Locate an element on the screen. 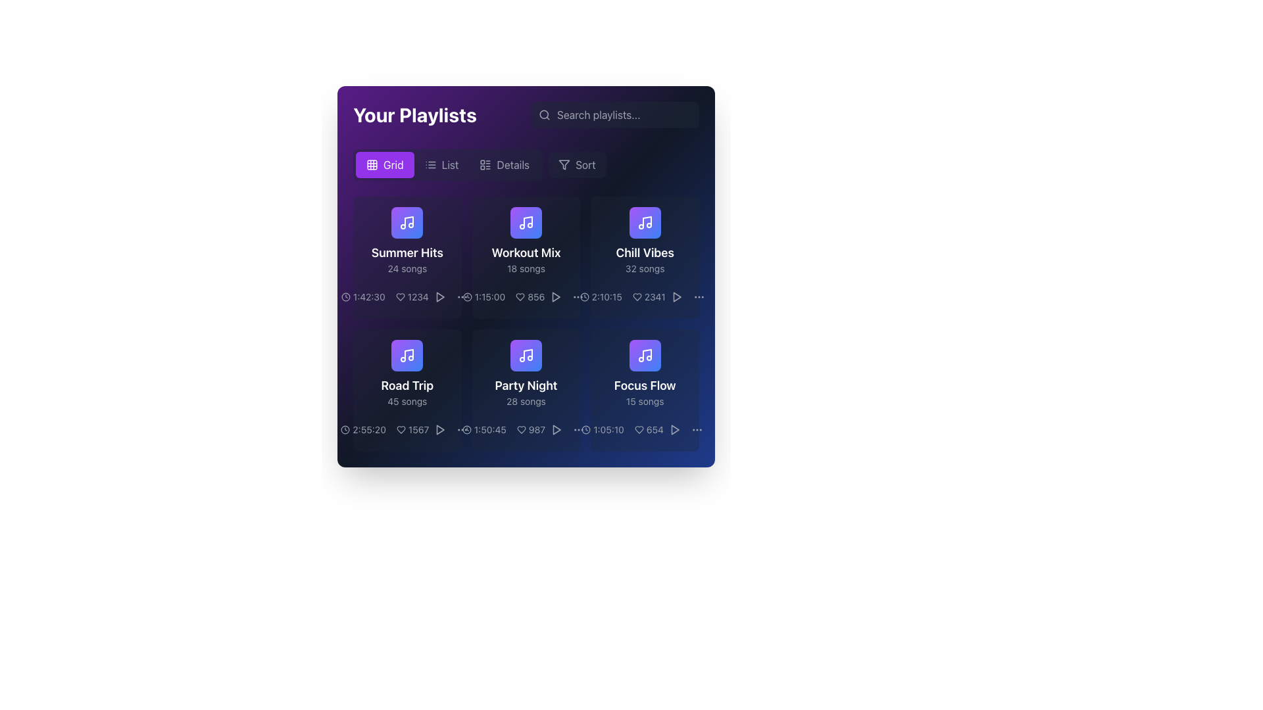  the label displaying the heart icon and the text '987' in the 'Party Night' playlist card is located at coordinates (526, 430).